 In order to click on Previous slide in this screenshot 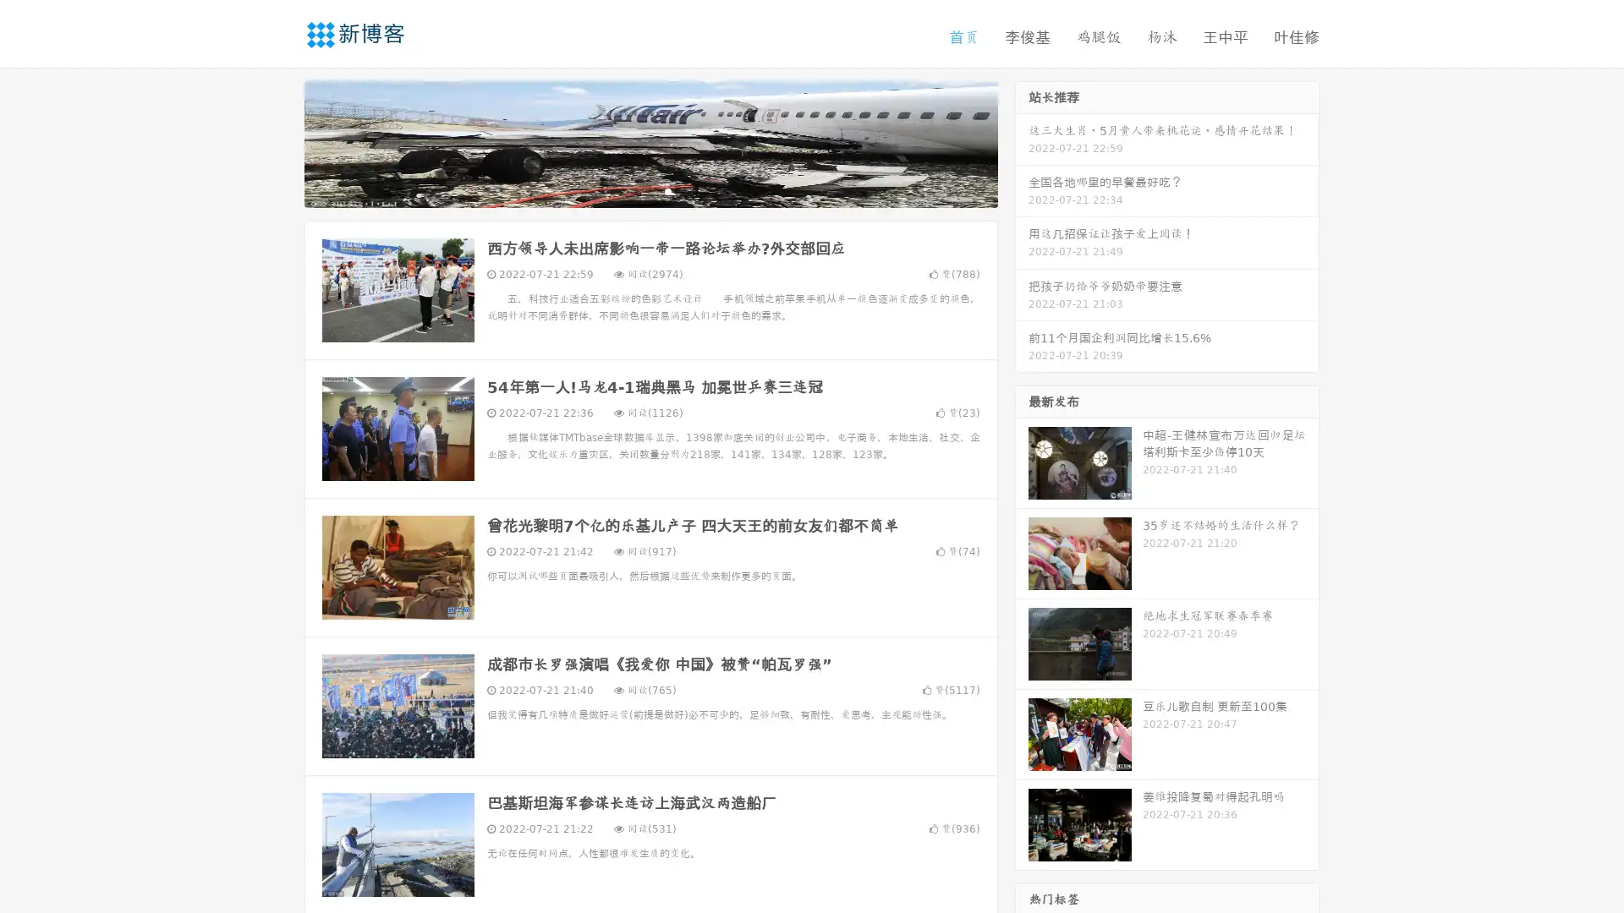, I will do `click(279, 142)`.